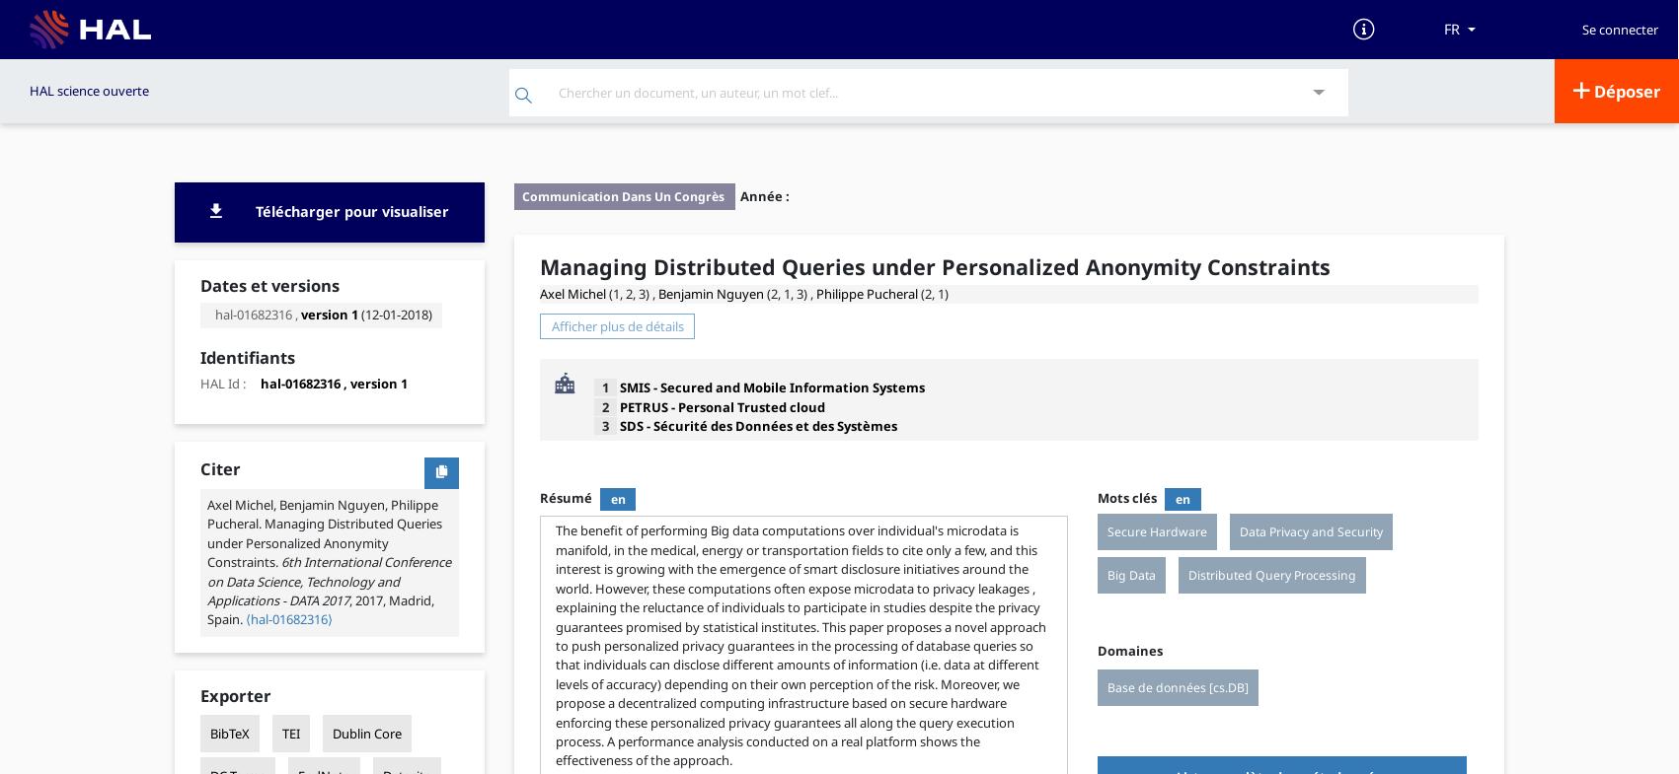 Image resolution: width=1679 pixels, height=774 pixels. Describe the element at coordinates (228, 734) in the screenshot. I see `'BibTeX'` at that location.